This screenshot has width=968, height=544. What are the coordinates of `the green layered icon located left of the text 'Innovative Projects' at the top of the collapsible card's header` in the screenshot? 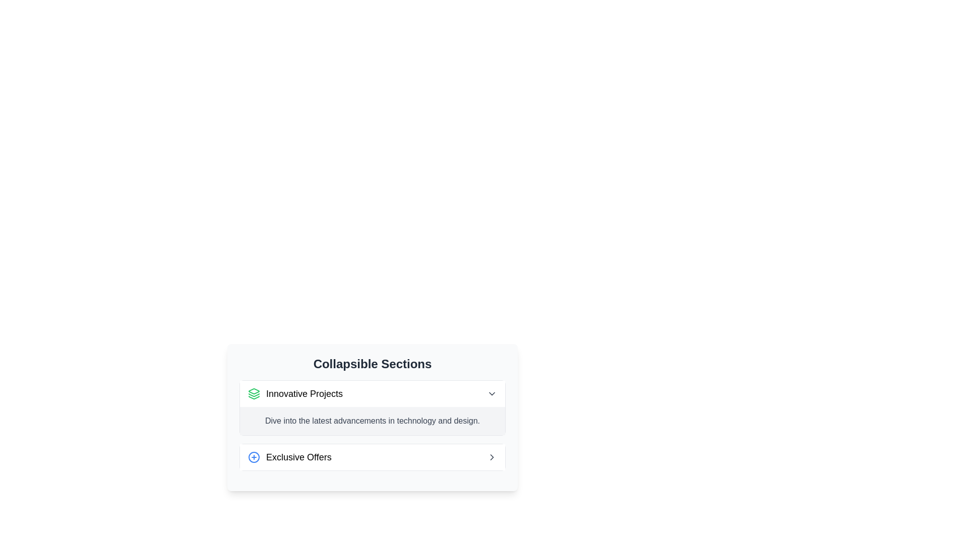 It's located at (254, 393).